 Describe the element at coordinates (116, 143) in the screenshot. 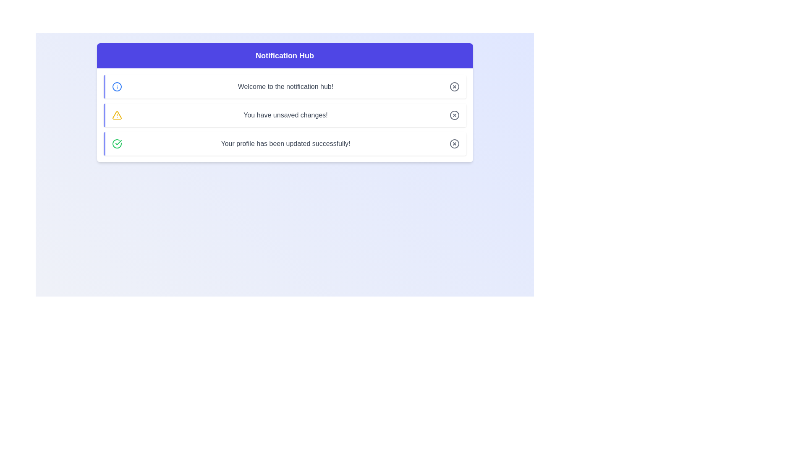

I see `the green check mark icon indicating success, located within the notification card stating 'Your profile has been updated successfully!'` at that location.